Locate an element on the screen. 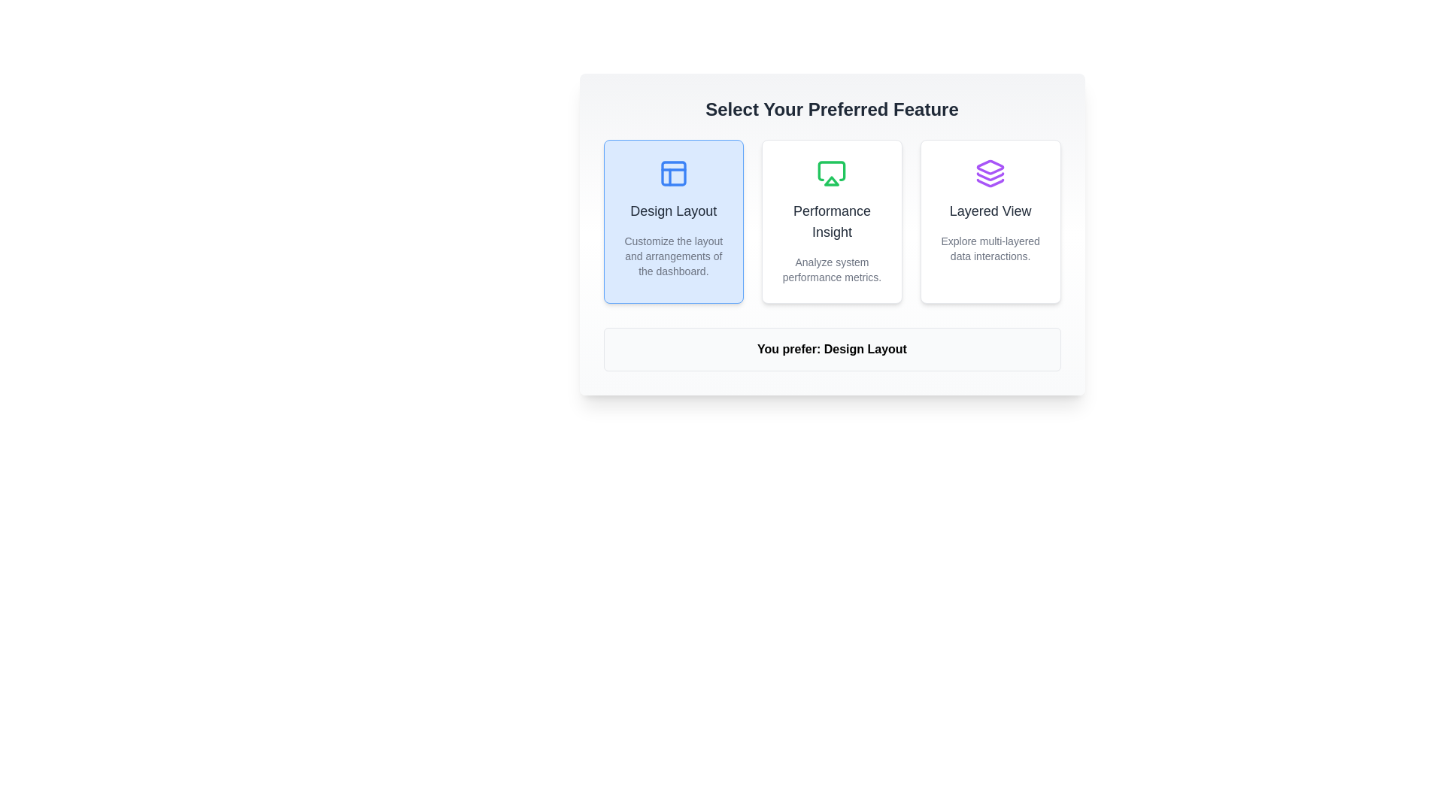 This screenshot has height=812, width=1444. the purple layered icon located at the top center of the 'Layered View' card, which is the rightmost card among three horizontal cards is located at coordinates (990, 173).